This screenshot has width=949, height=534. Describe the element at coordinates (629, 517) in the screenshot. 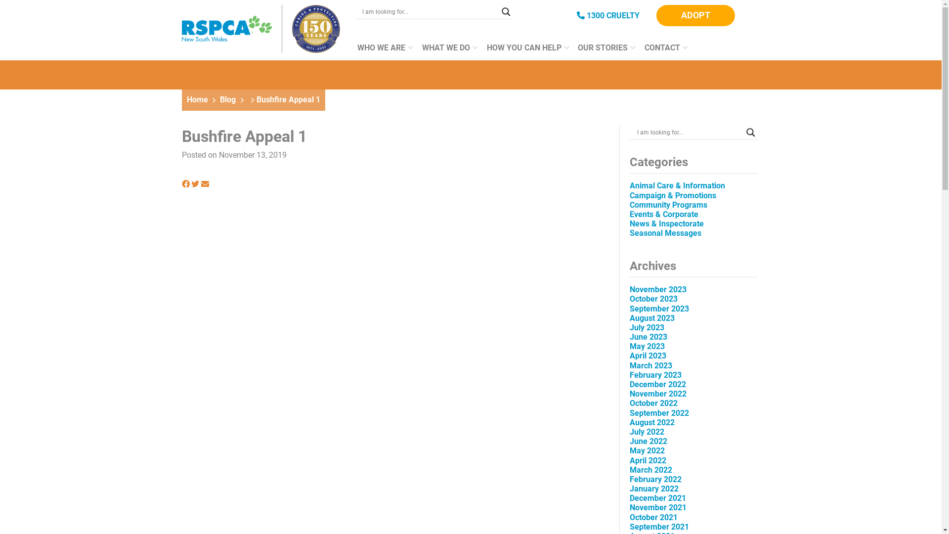

I see `'October 2021'` at that location.